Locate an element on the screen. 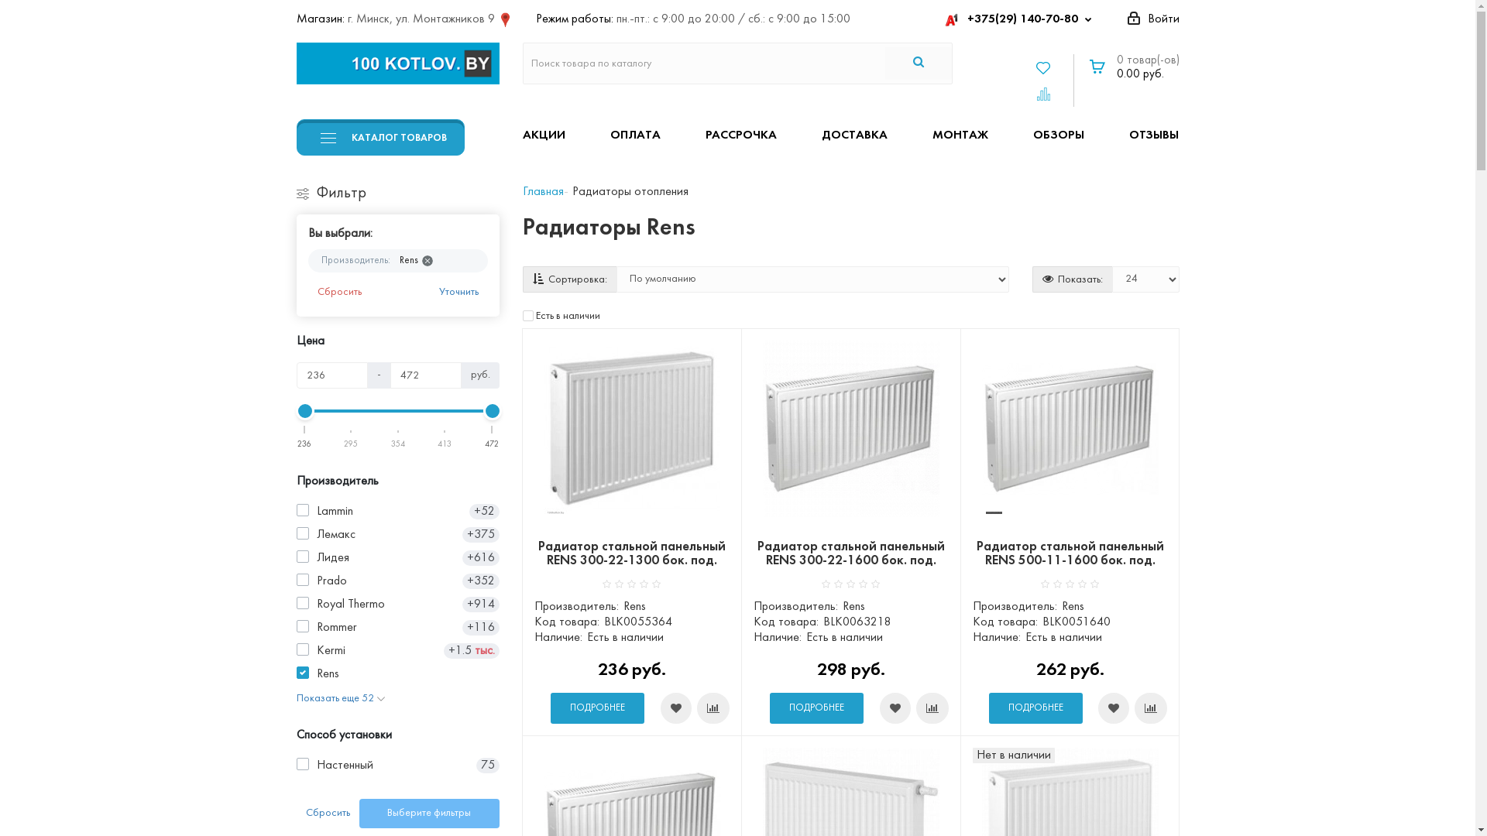 The width and height of the screenshot is (1487, 836). '+375(29) 140-70-80' is located at coordinates (1021, 19).